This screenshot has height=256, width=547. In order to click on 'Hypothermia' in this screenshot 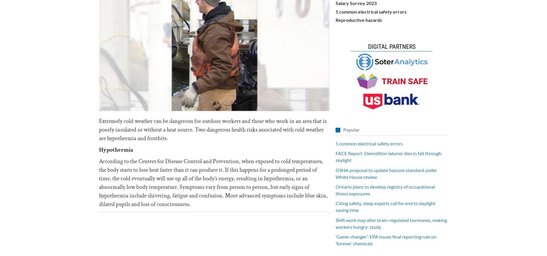, I will do `click(99, 150)`.